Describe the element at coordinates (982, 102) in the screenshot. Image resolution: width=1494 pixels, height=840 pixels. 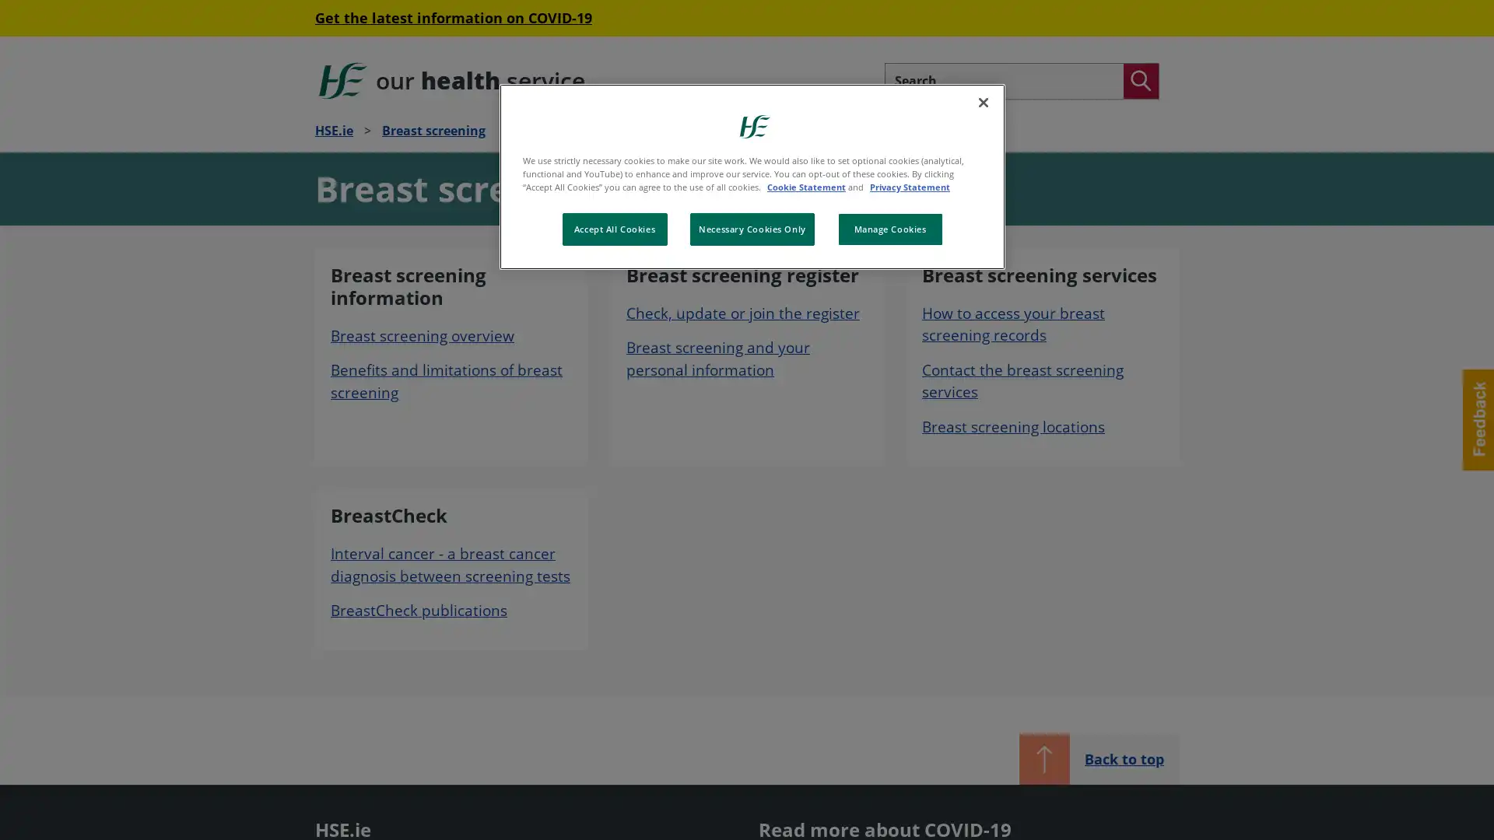
I see `Close` at that location.